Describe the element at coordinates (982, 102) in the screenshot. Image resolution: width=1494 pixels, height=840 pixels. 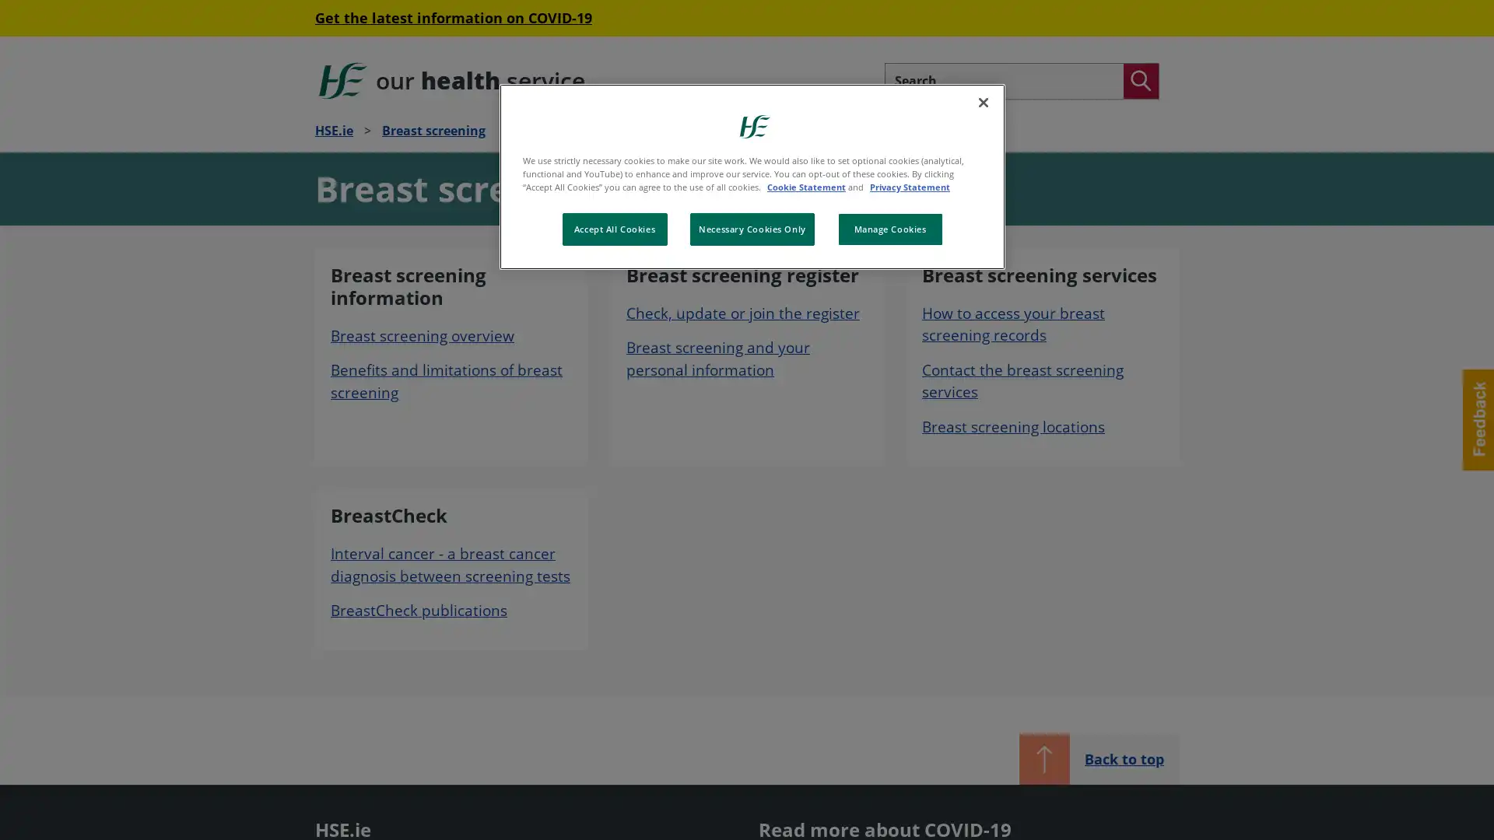
I see `Close` at that location.